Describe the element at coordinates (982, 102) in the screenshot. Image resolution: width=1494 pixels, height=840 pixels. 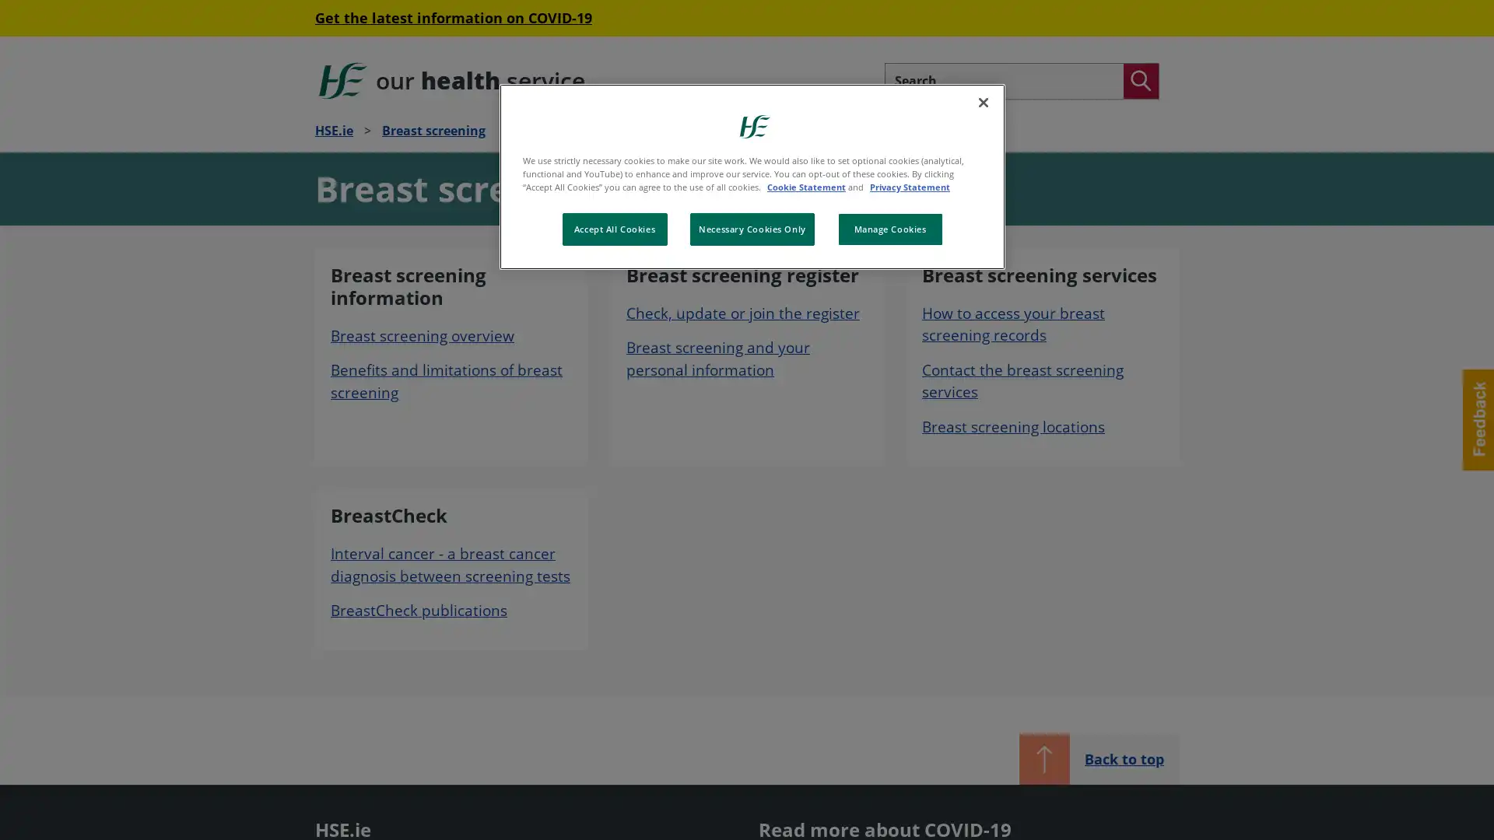
I see `Close` at that location.